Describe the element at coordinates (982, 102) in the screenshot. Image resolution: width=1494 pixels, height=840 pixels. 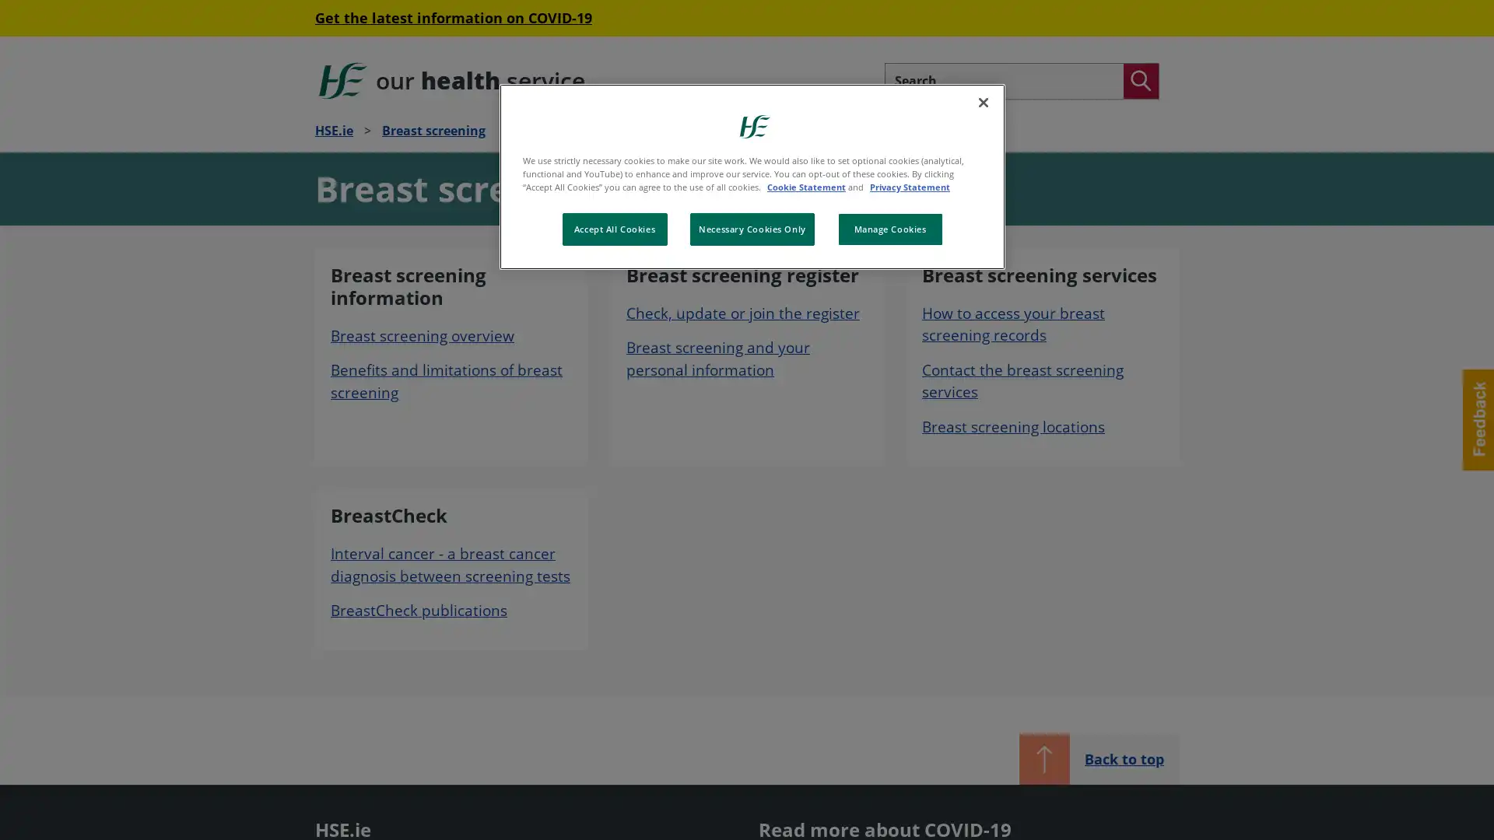
I see `Close` at that location.